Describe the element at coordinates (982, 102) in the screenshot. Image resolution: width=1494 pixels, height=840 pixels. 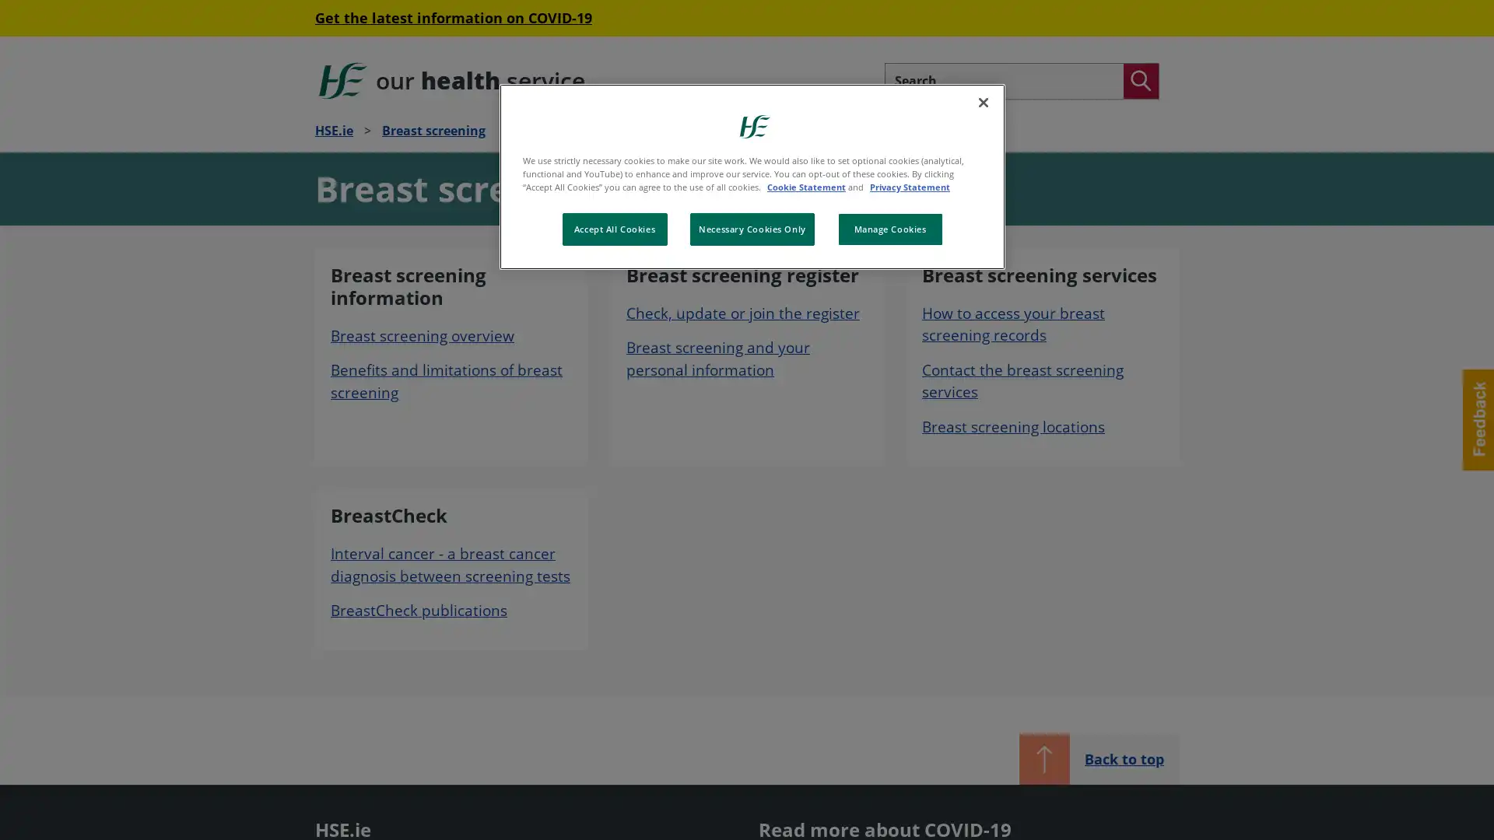
I see `Close` at that location.